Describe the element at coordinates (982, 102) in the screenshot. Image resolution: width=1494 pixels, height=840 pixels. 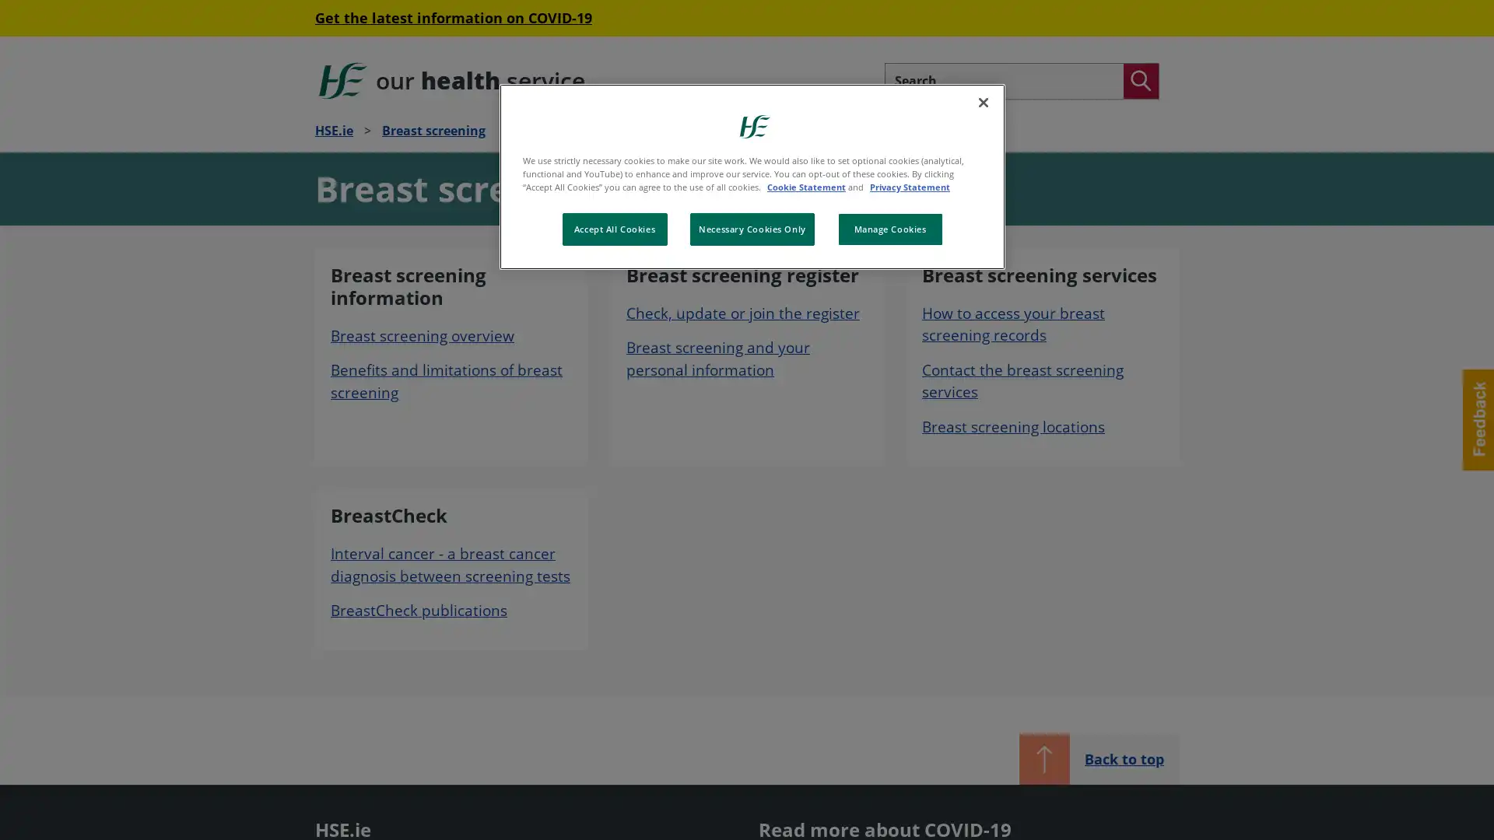
I see `Close` at that location.